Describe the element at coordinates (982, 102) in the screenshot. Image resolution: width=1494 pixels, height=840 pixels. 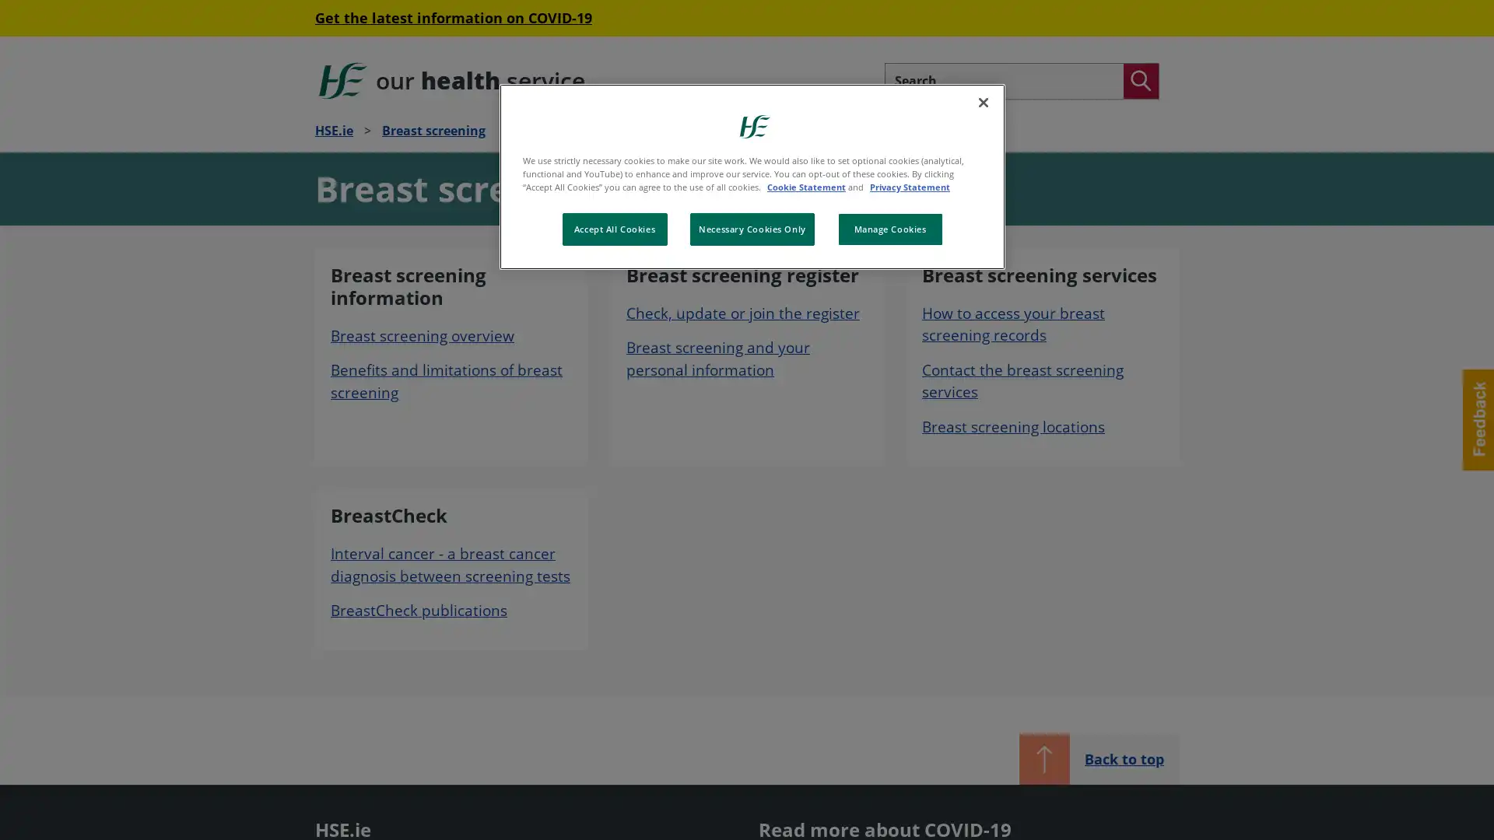
I see `Close` at that location.